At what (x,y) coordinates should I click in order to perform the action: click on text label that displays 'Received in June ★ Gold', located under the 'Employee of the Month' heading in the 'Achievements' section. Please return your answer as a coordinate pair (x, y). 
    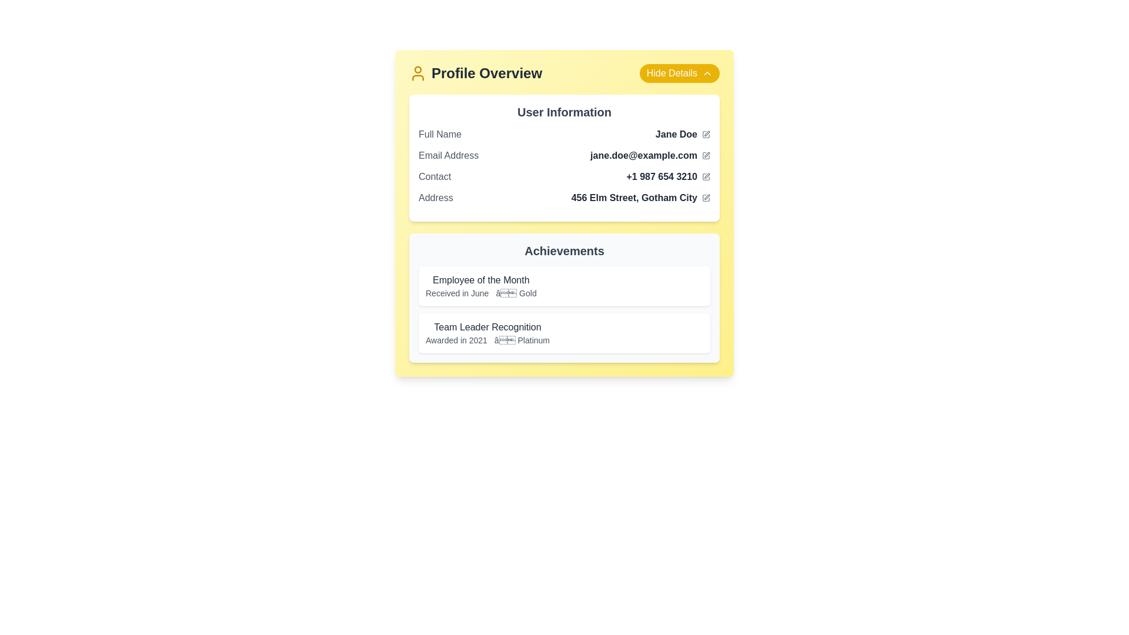
    Looking at the image, I should click on (481, 292).